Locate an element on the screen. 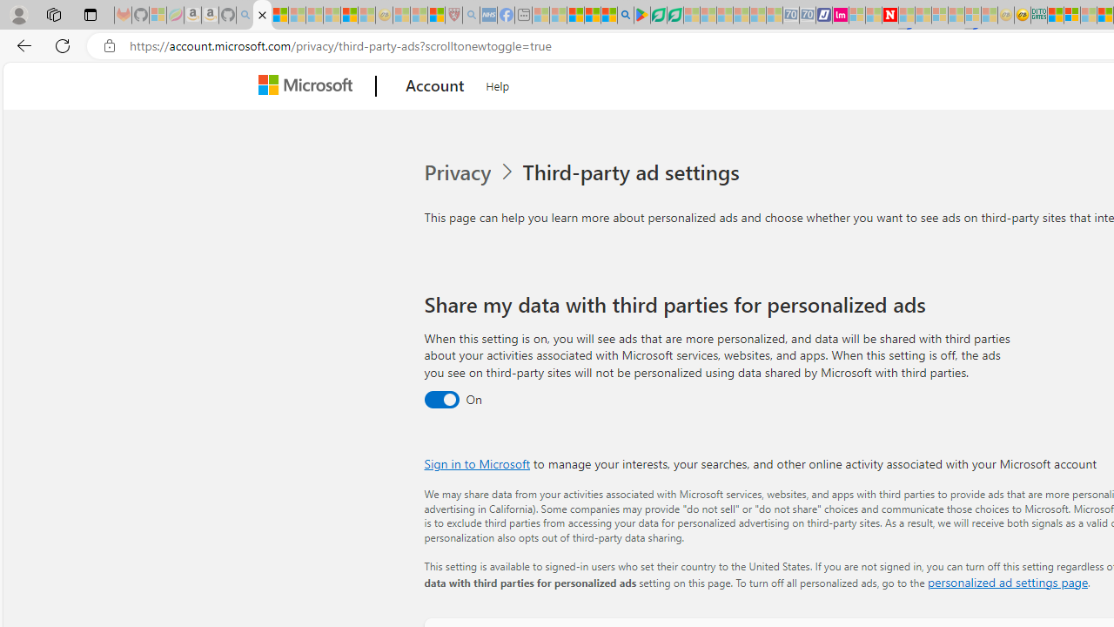  'Pets - MSN' is located at coordinates (592, 15).